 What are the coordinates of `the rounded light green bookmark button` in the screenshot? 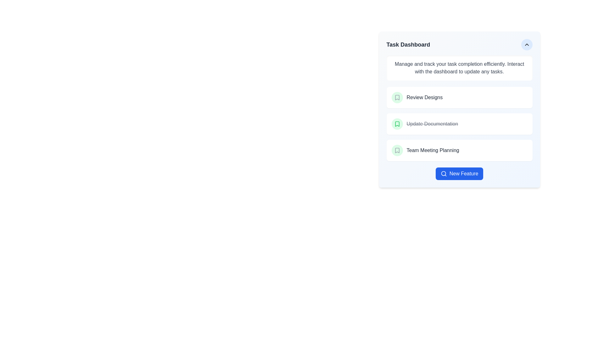 It's located at (397, 150).